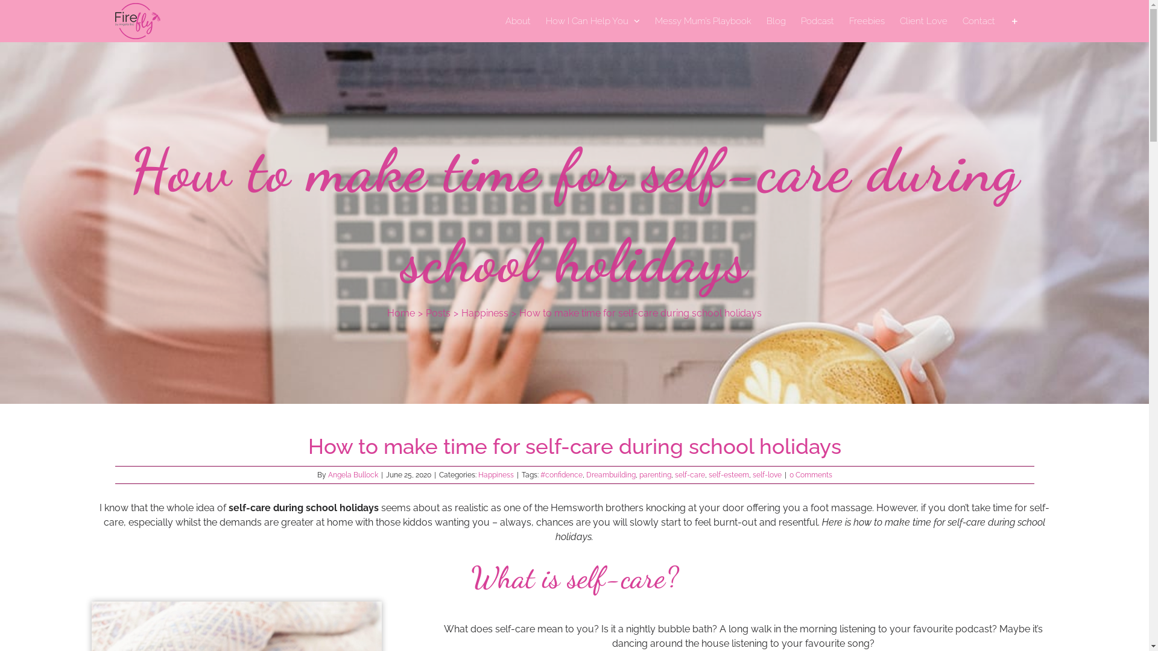 This screenshot has height=651, width=1158. I want to click on 'How I Can Help You', so click(544, 20).